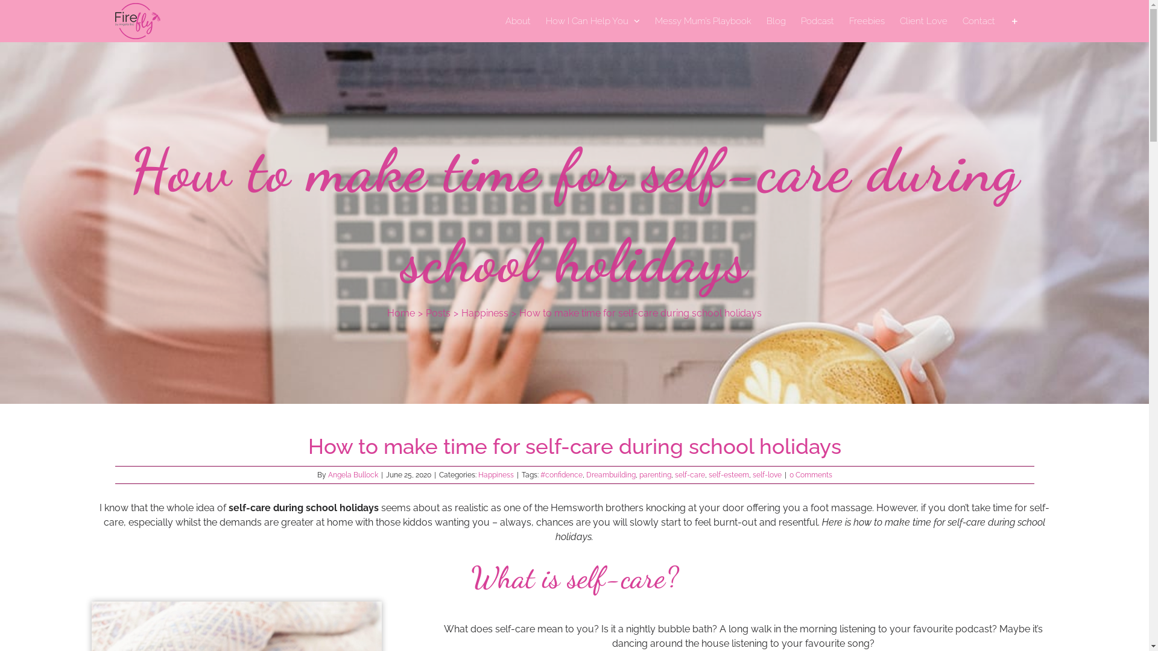 This screenshot has height=651, width=1158. I want to click on 'How I Can Help You', so click(544, 20).